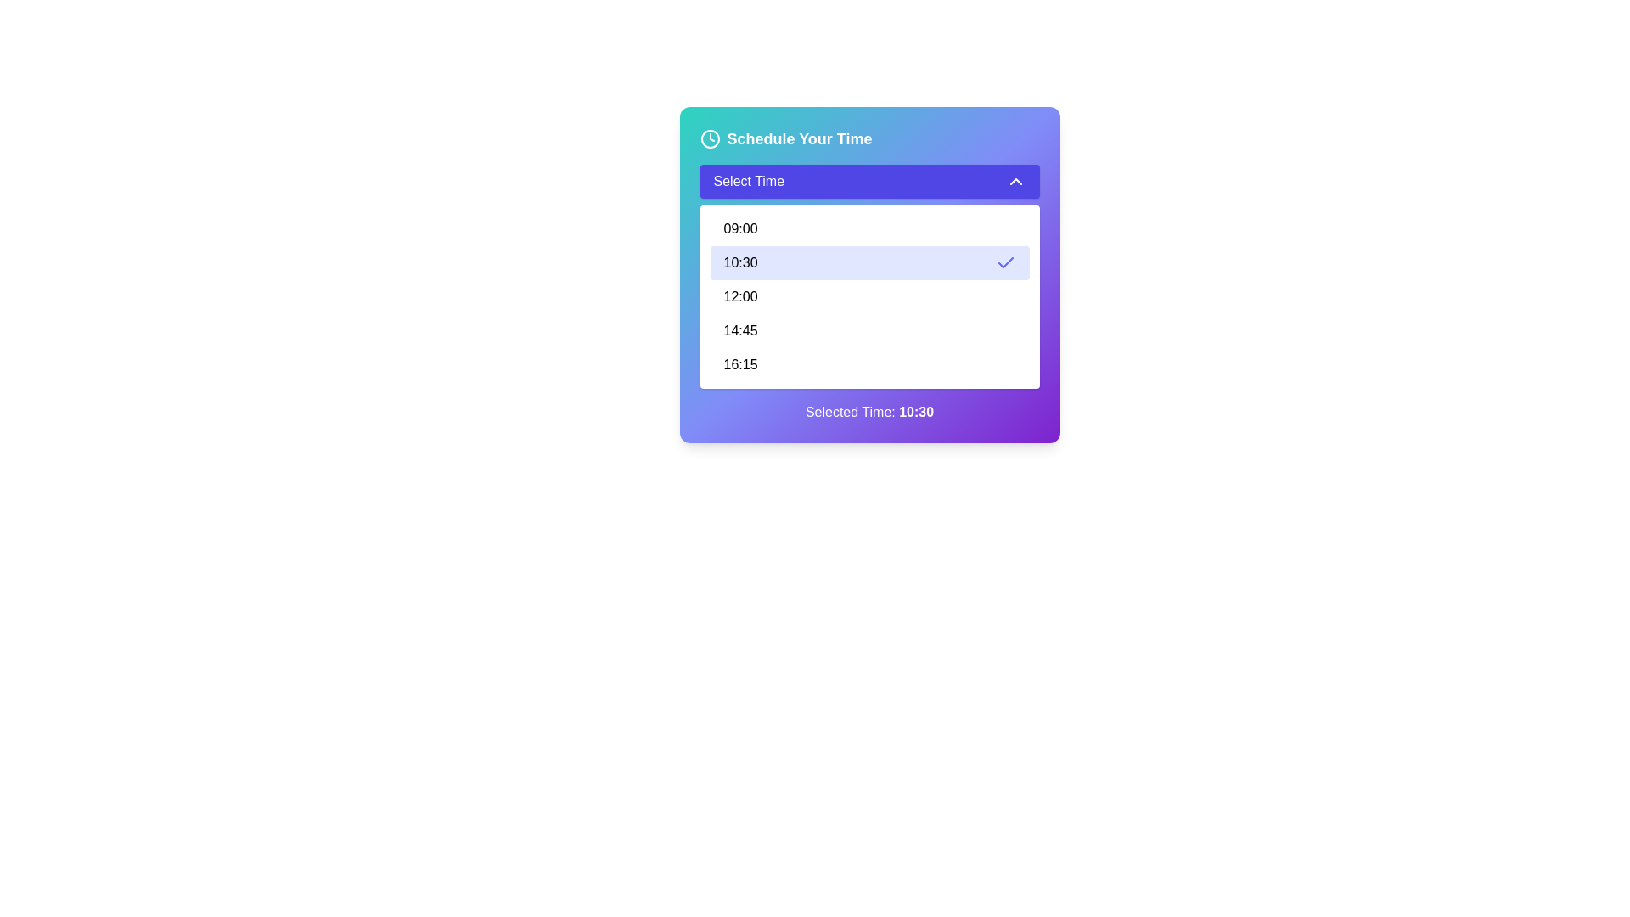 The image size is (1630, 917). Describe the element at coordinates (1005, 262) in the screenshot. I see `the icon indicating the selected time slot of '10:30' in the dropdown menu` at that location.